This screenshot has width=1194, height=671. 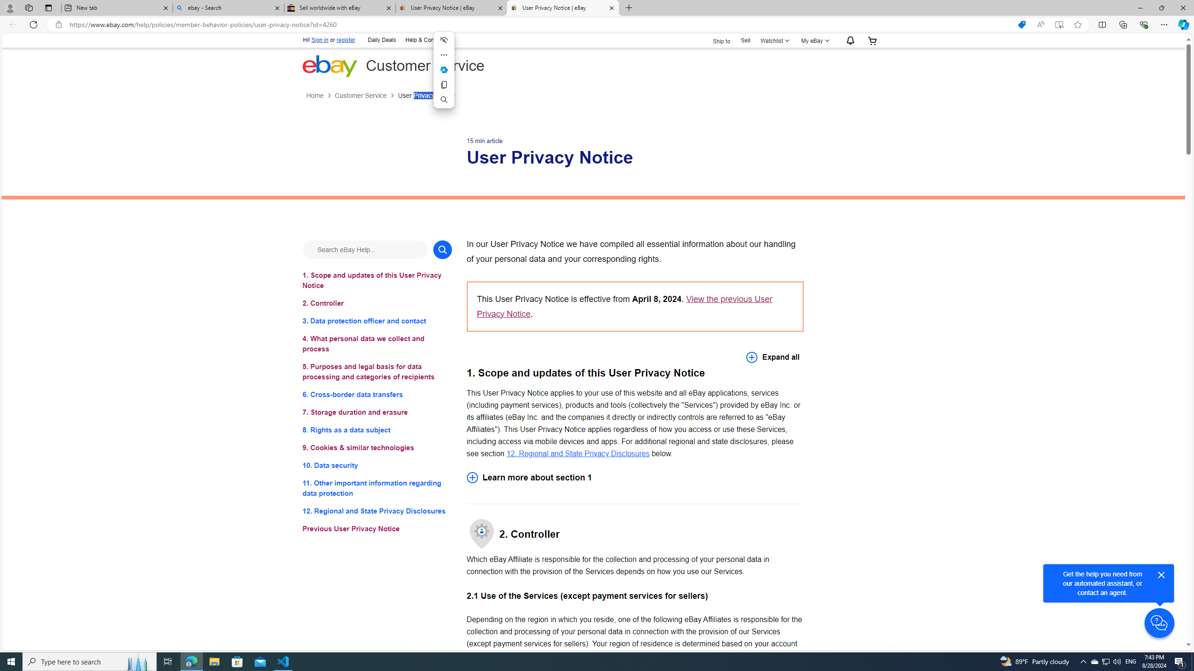 What do you see at coordinates (366, 95) in the screenshot?
I see `'Customer Service'` at bounding box center [366, 95].